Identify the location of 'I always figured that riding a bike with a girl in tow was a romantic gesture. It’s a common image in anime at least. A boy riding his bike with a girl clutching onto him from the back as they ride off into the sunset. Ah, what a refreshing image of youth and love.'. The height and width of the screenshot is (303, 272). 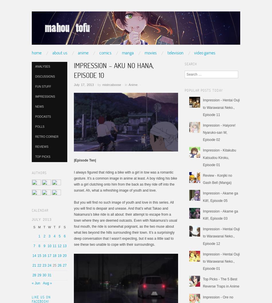
(125, 181).